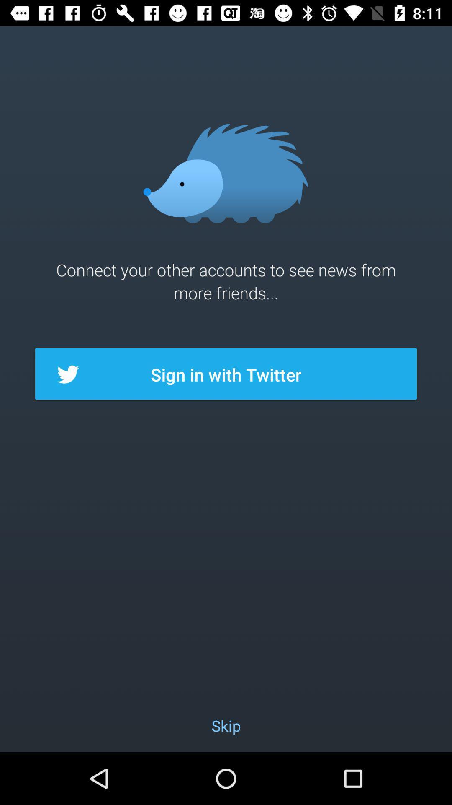 The image size is (452, 805). I want to click on the icon above the skip item, so click(226, 374).